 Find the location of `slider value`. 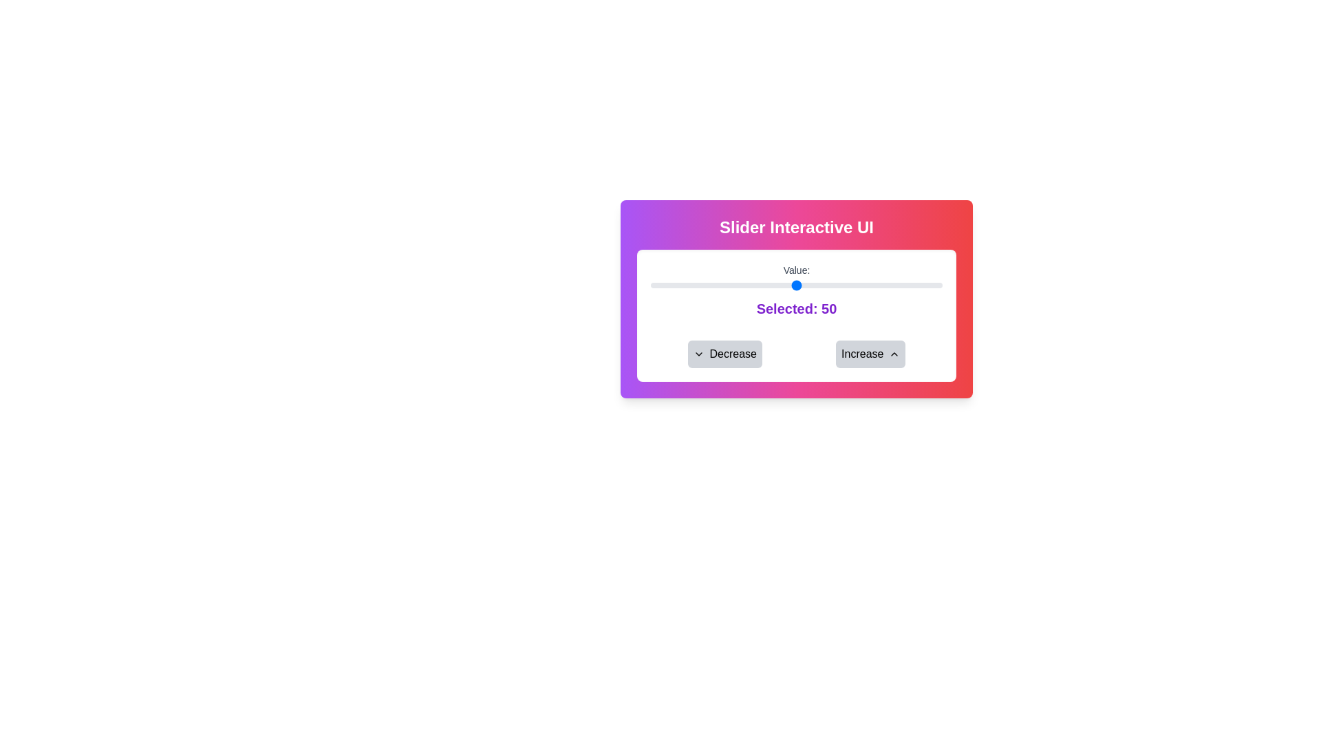

slider value is located at coordinates (665, 285).